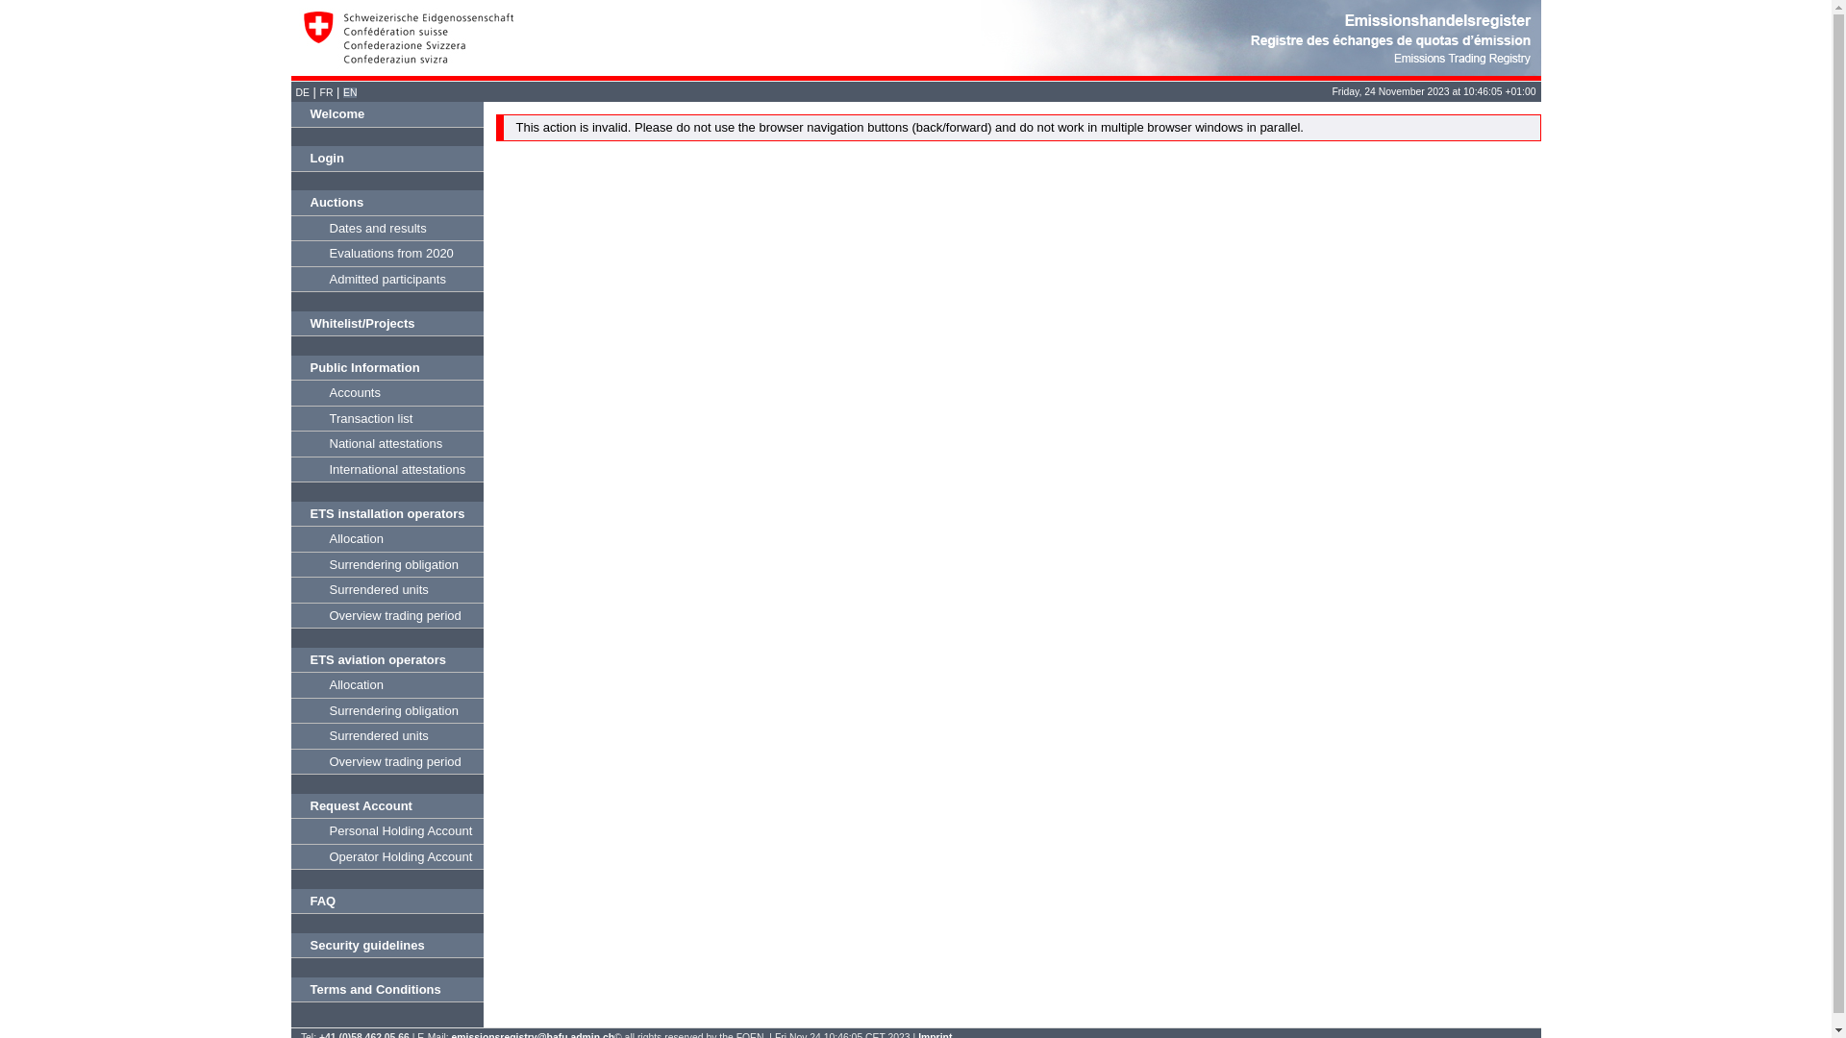 The width and height of the screenshot is (1846, 1038). I want to click on 'Accounts', so click(386, 392).